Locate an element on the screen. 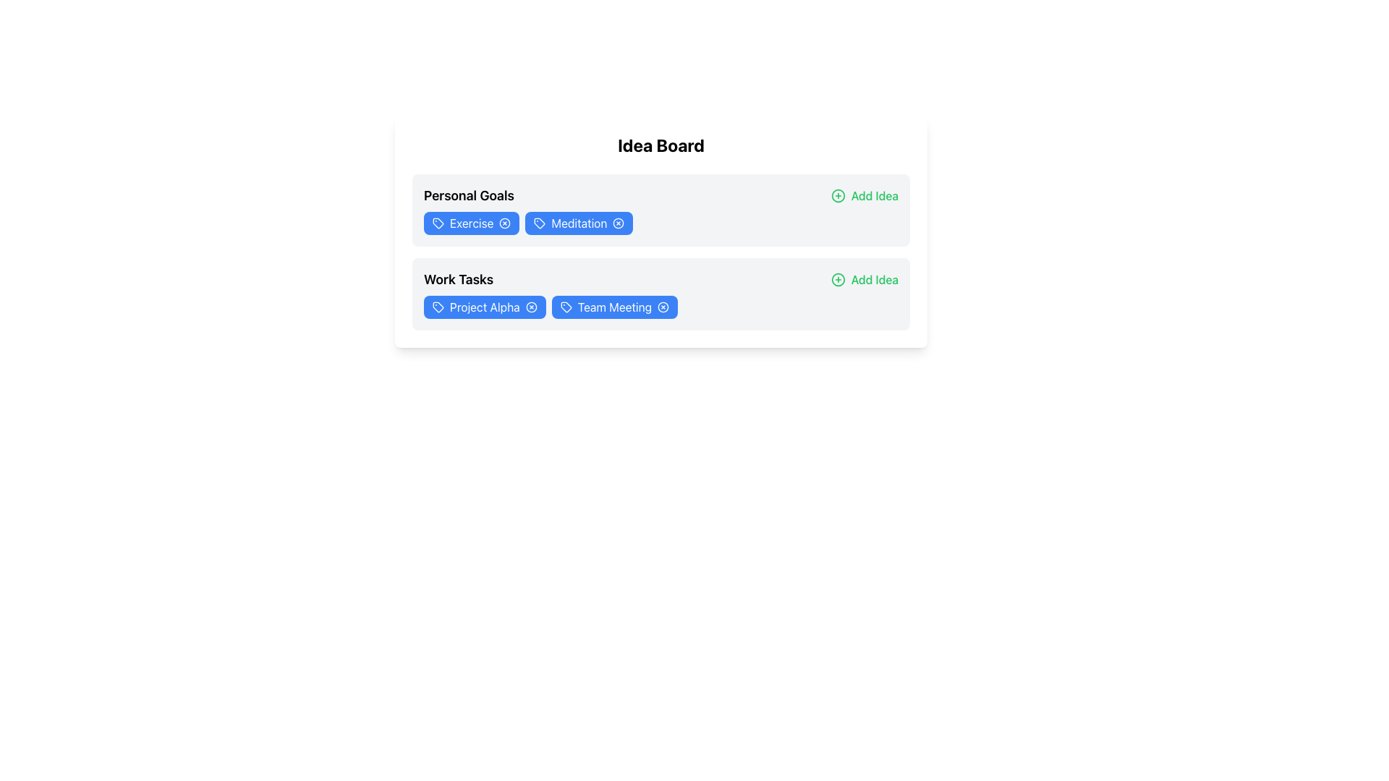  the circular button with an 'X' symbol, located to the right of the text 'Project Alpha', within the 'Work Tasks' section is located at coordinates (530, 306).